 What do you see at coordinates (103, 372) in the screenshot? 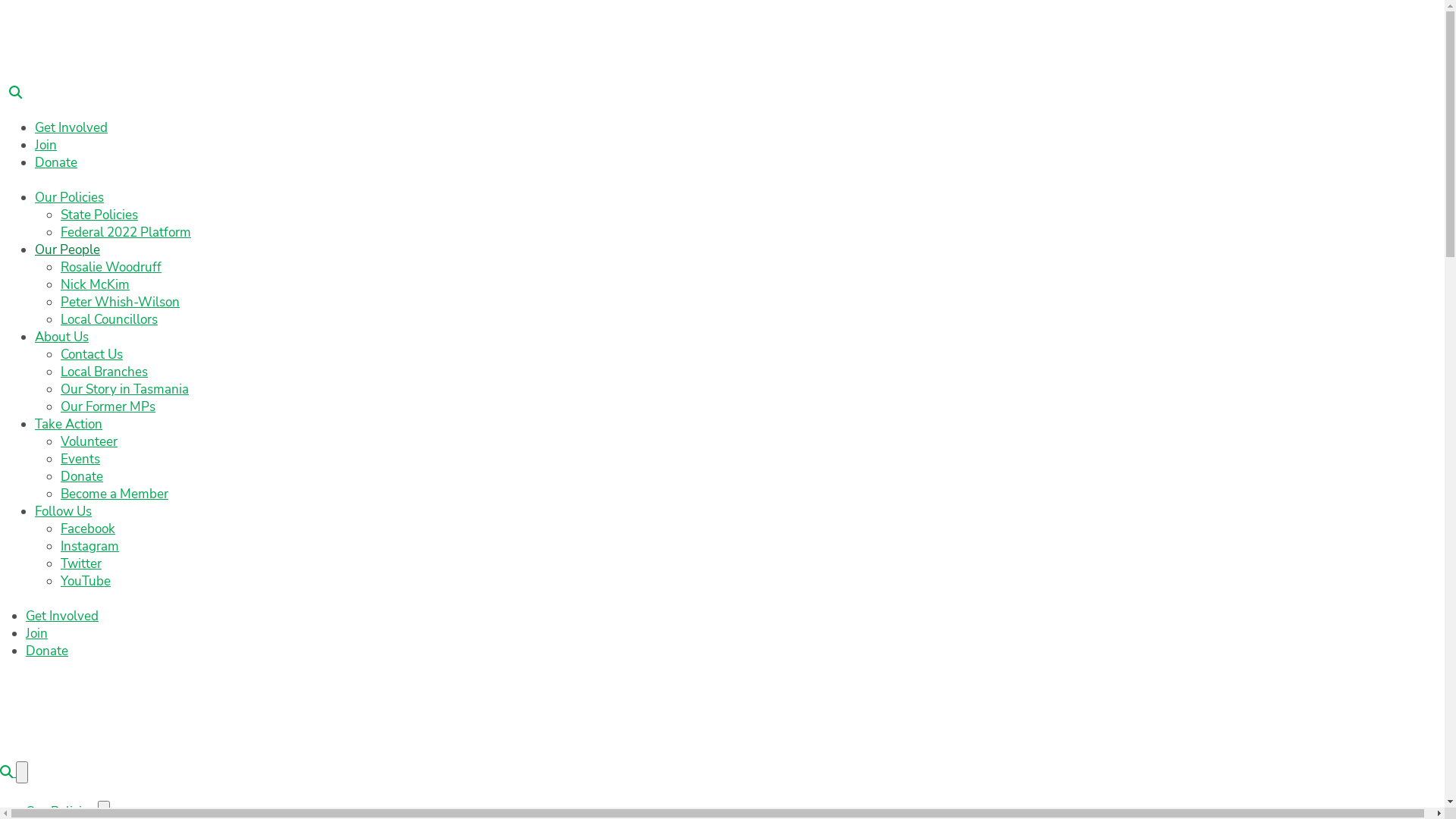
I see `'Local Branches'` at bounding box center [103, 372].